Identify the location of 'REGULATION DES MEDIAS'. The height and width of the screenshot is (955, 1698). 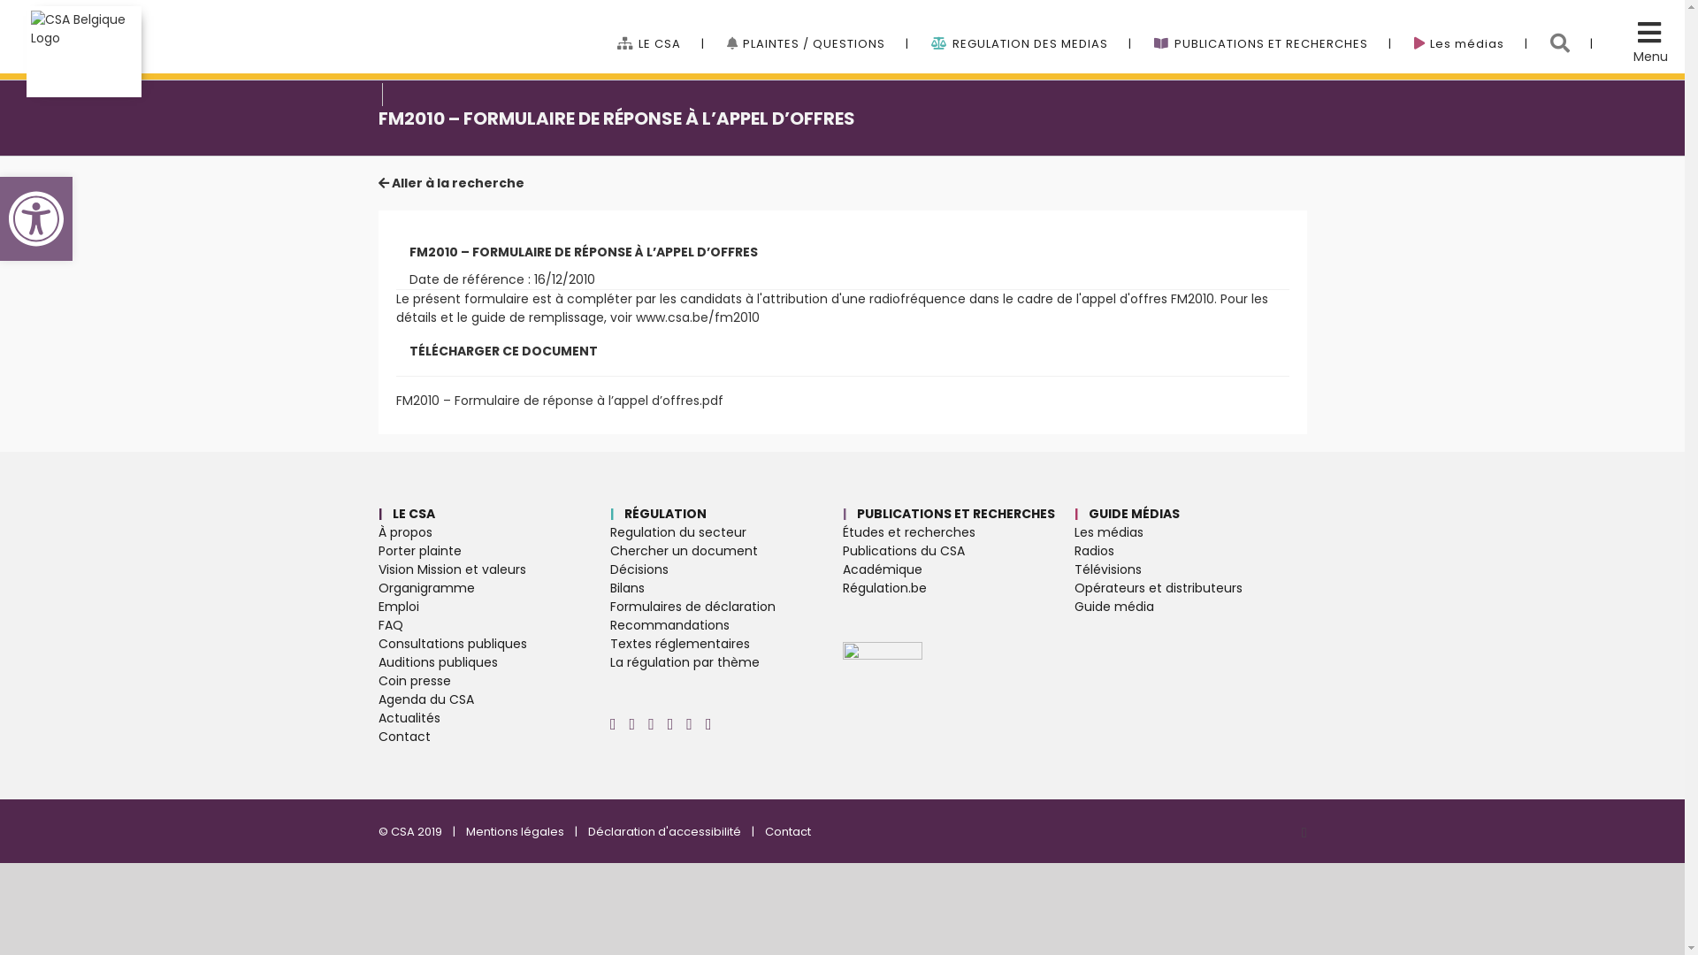
(929, 26).